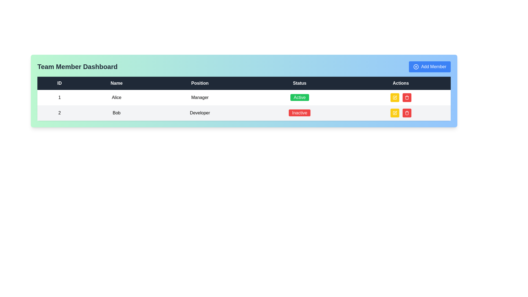 The width and height of the screenshot is (528, 297). Describe the element at coordinates (116, 113) in the screenshot. I see `the text field containing 'Bob' in the second row of the table, positioned under the 'Name' column` at that location.